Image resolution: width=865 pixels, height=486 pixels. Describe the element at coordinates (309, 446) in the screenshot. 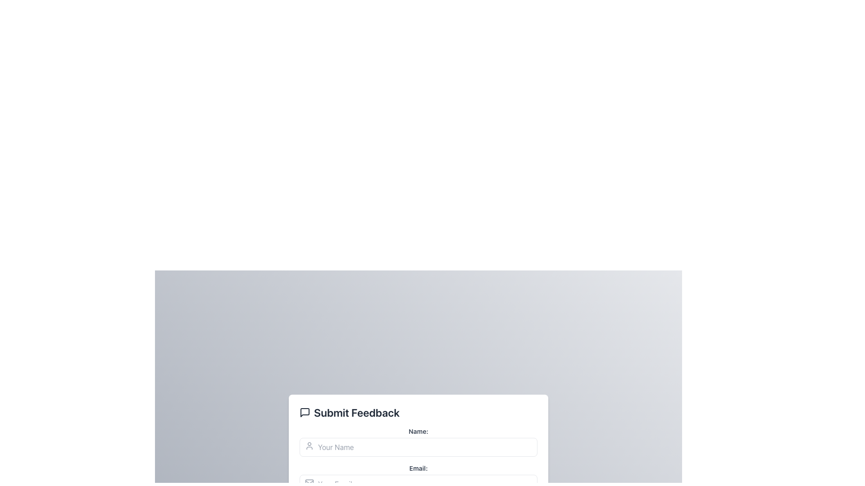

I see `the user profile icon, which is a minimalistic light gray outline of a person, positioned above the 'Name:' input field` at that location.